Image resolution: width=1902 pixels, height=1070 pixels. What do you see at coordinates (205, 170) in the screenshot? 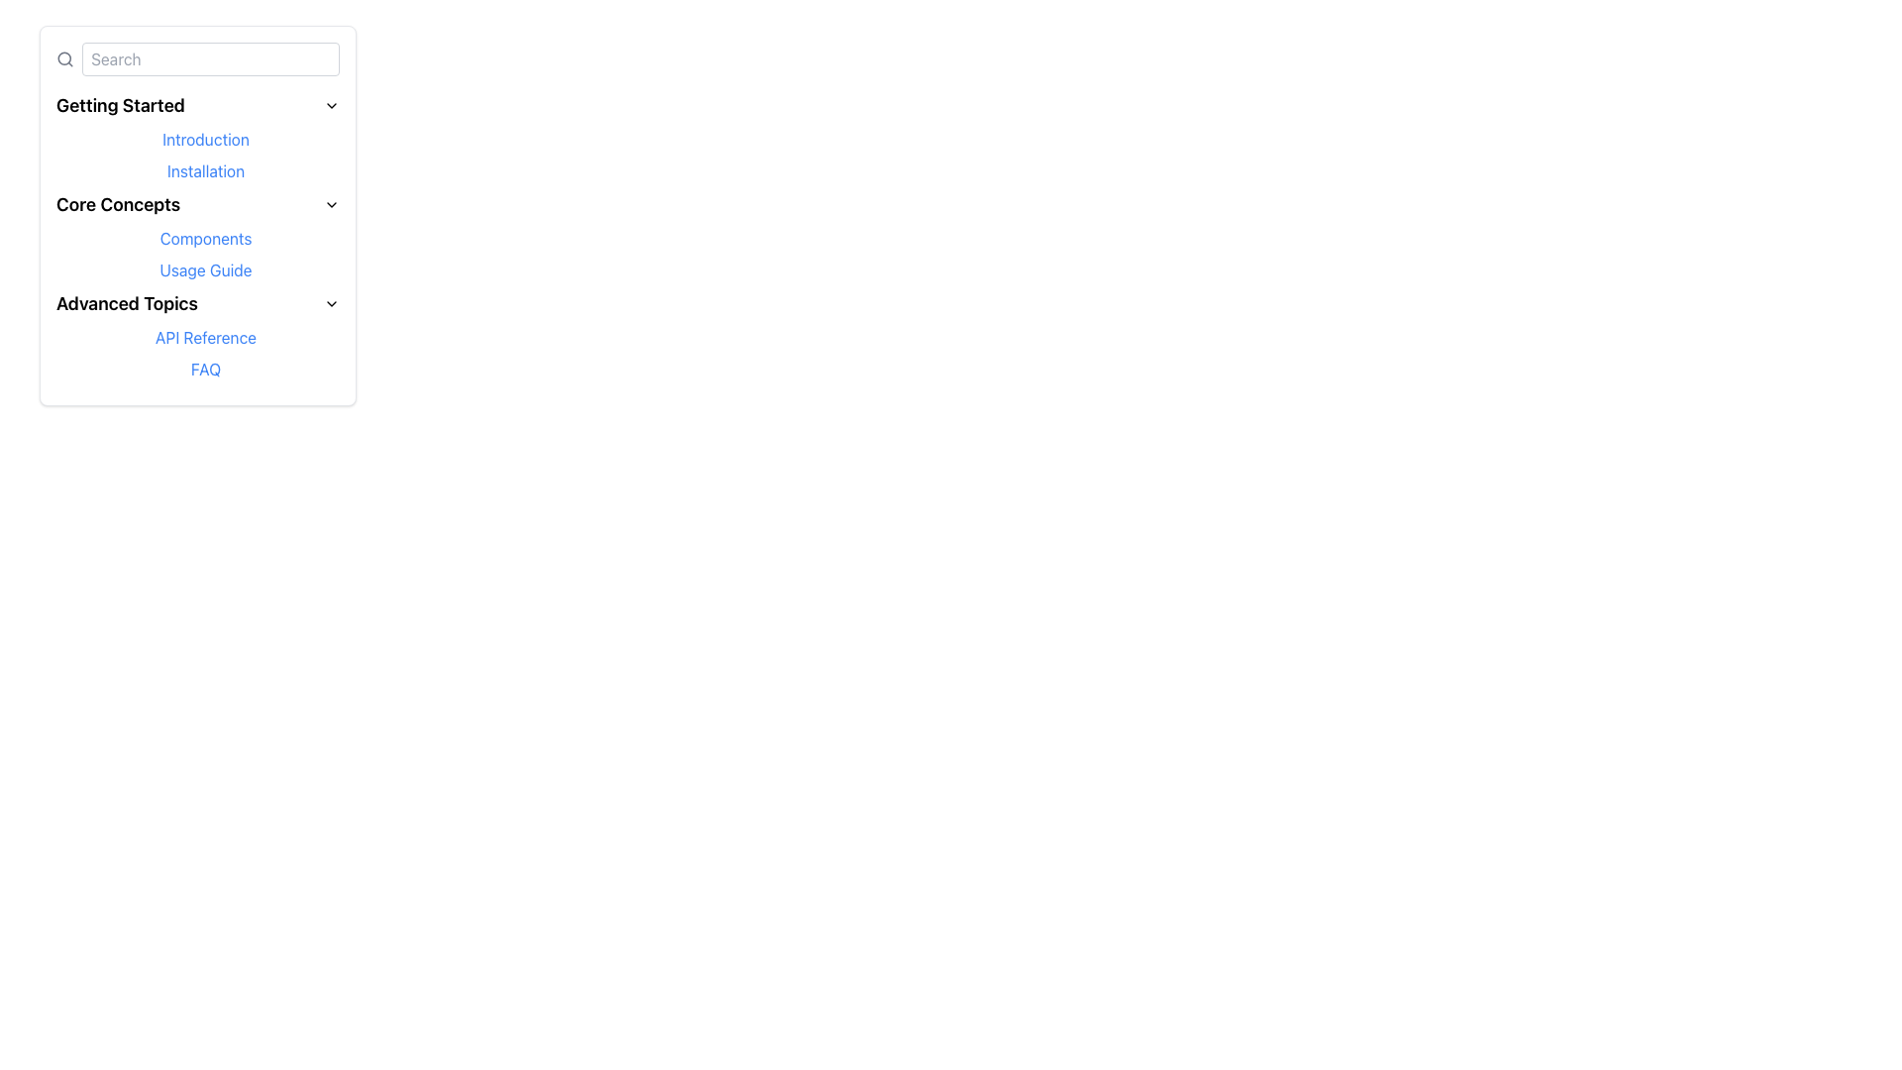
I see `the prominent blue text link labeled 'Installation' located in the 'Getting Started' section of the navigation menu` at bounding box center [205, 170].